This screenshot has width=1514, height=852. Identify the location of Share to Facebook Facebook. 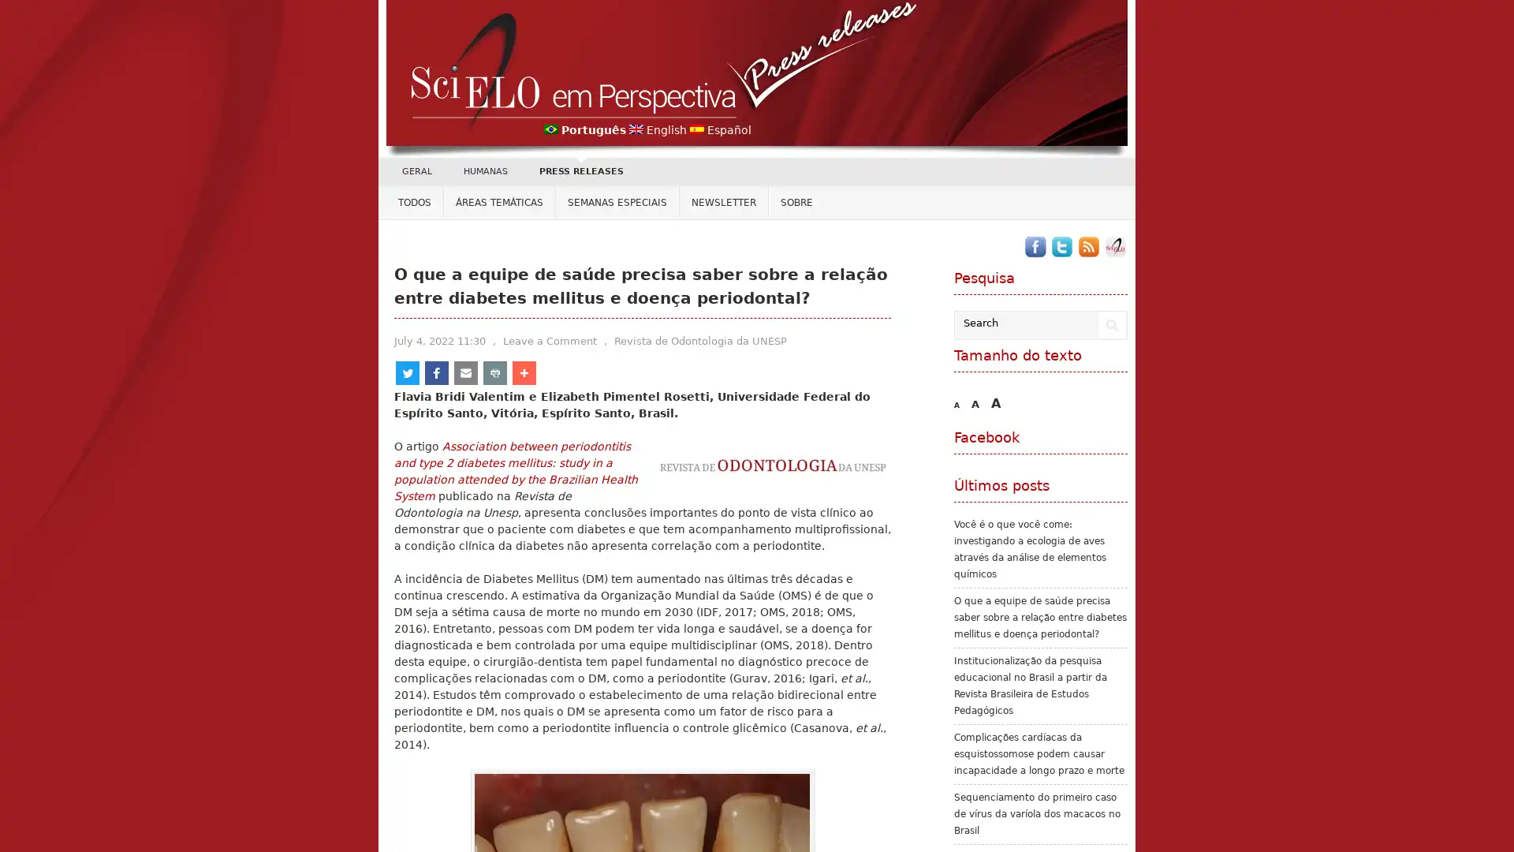
(507, 373).